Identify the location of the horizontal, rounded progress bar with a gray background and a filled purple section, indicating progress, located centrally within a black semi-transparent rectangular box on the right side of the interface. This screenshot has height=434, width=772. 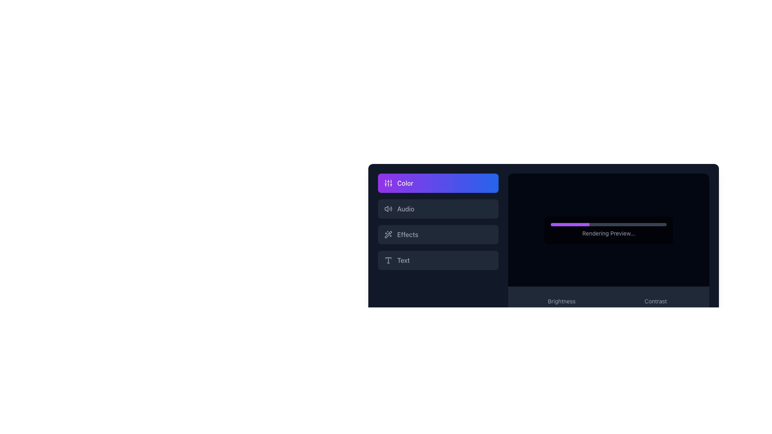
(608, 224).